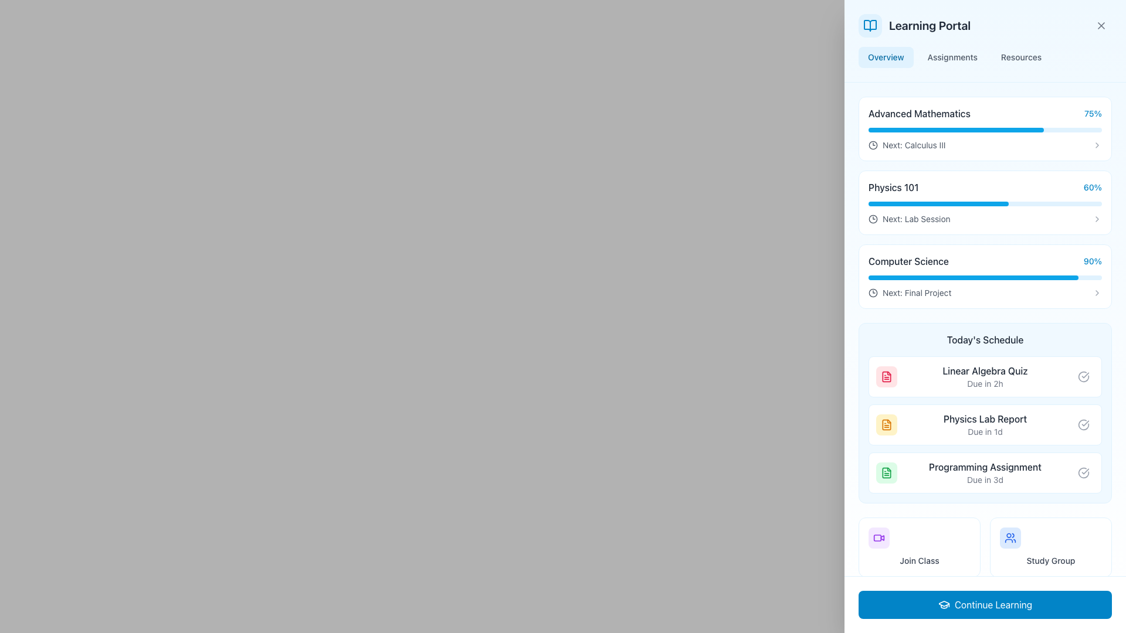  I want to click on the subject name displayed, so click(985, 113).